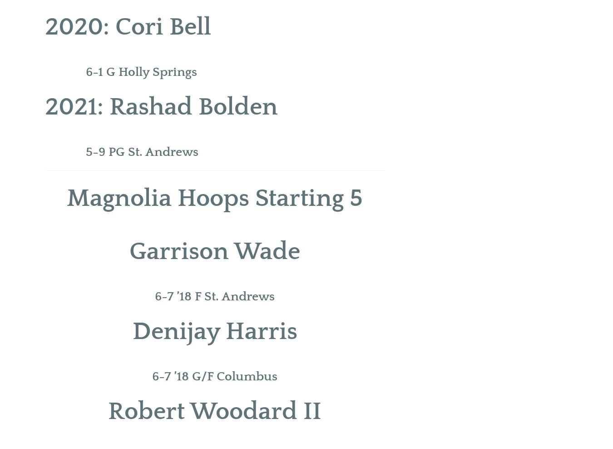 This screenshot has height=449, width=613. I want to click on '6-7 ’18 F St. Andrews', so click(155, 295).